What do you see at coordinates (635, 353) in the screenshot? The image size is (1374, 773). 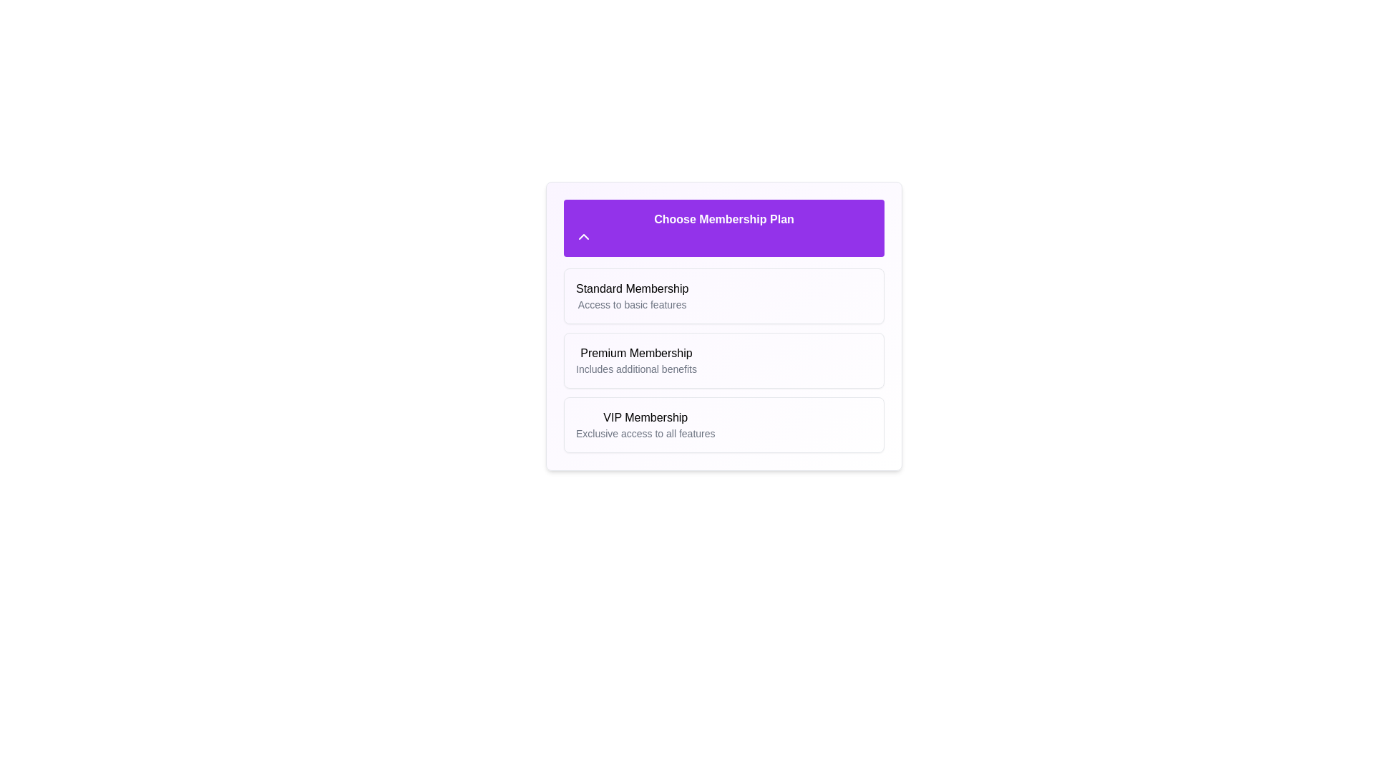 I see `the 'Premium Membership' static text label, which is styled in medium-weight black font on a white background and is the primary title of the second option in the Membership Plans section` at bounding box center [635, 353].